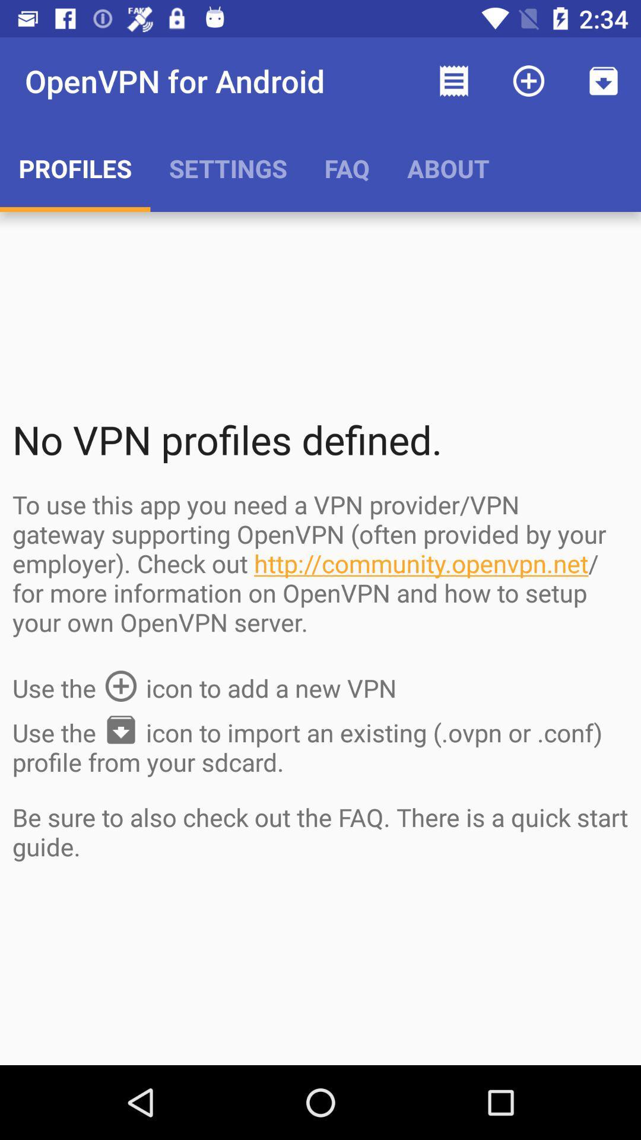 The width and height of the screenshot is (641, 1140). I want to click on download icon, so click(604, 81).